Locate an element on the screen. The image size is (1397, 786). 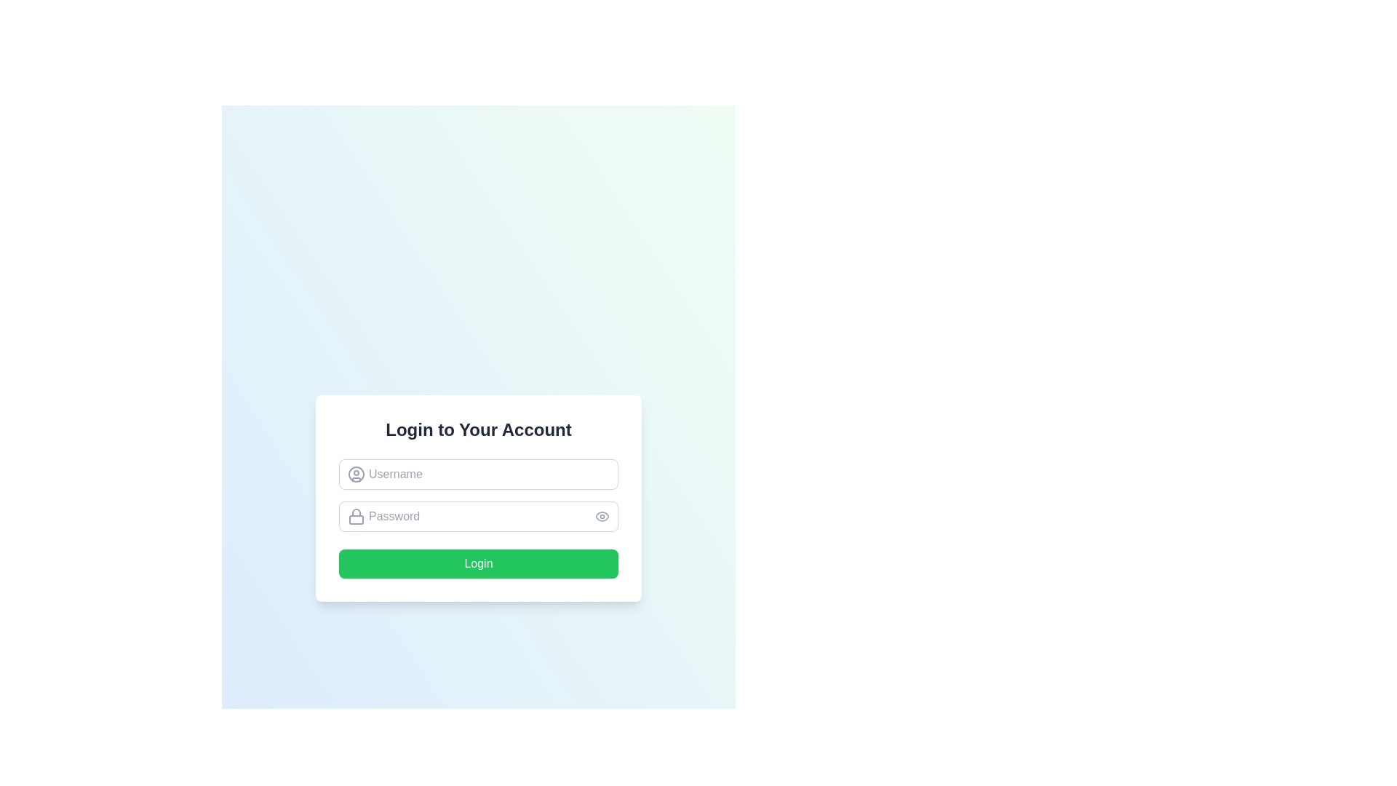
the circular user icon, which is gray and left-aligned in the 'Username' input field is located at coordinates (356, 474).